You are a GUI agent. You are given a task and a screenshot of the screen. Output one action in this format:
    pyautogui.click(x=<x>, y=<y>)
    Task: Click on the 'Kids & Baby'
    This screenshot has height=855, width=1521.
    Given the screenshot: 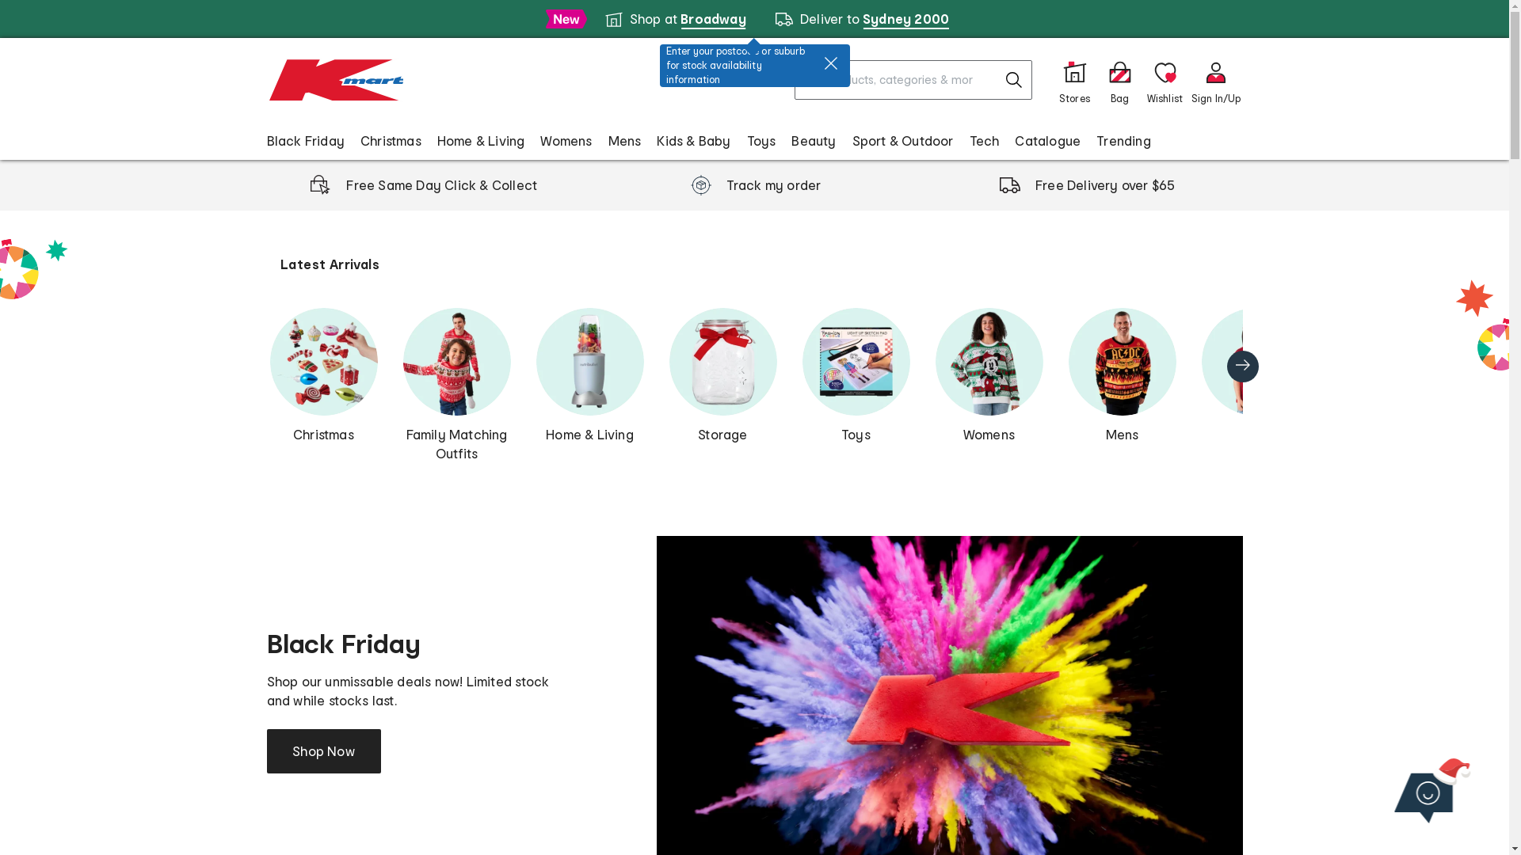 What is the action you would take?
    pyautogui.click(x=657, y=139)
    